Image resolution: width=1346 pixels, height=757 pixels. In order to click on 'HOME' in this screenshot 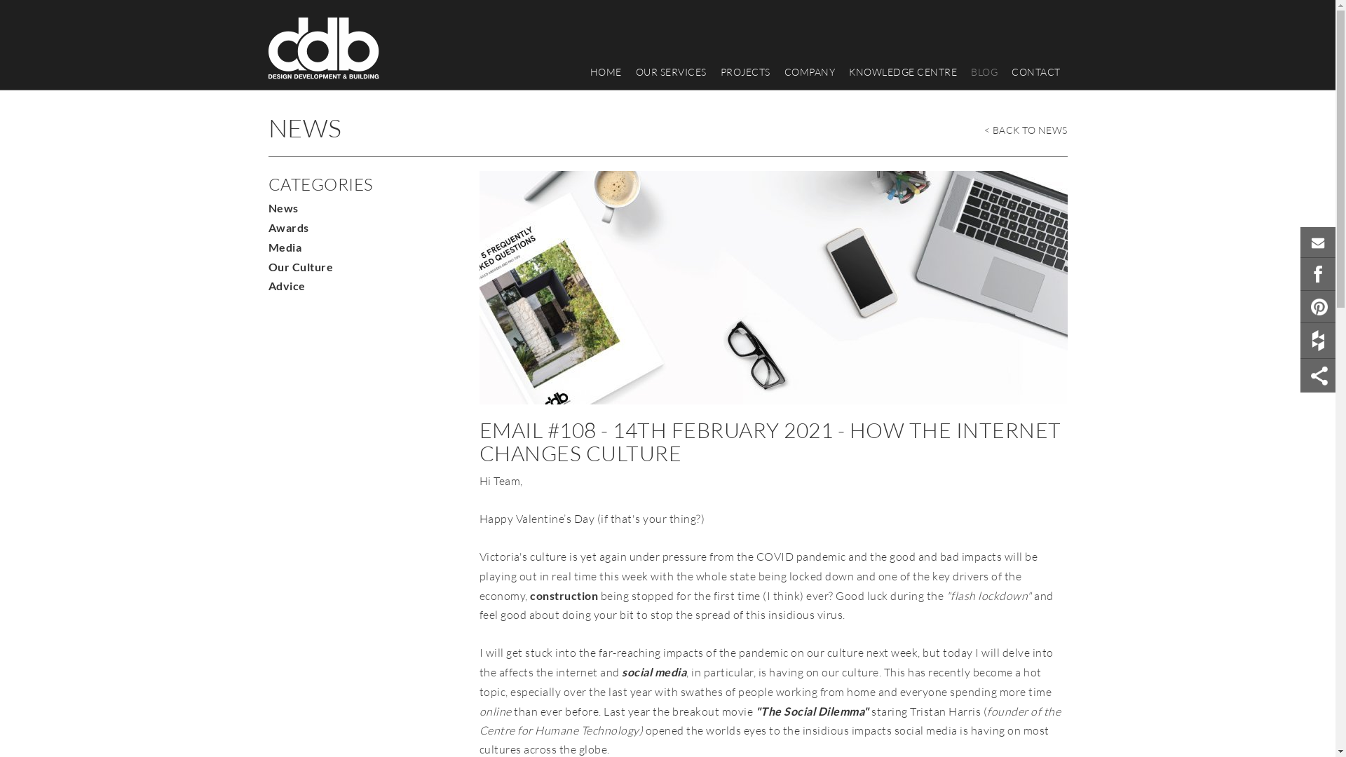, I will do `click(606, 72)`.